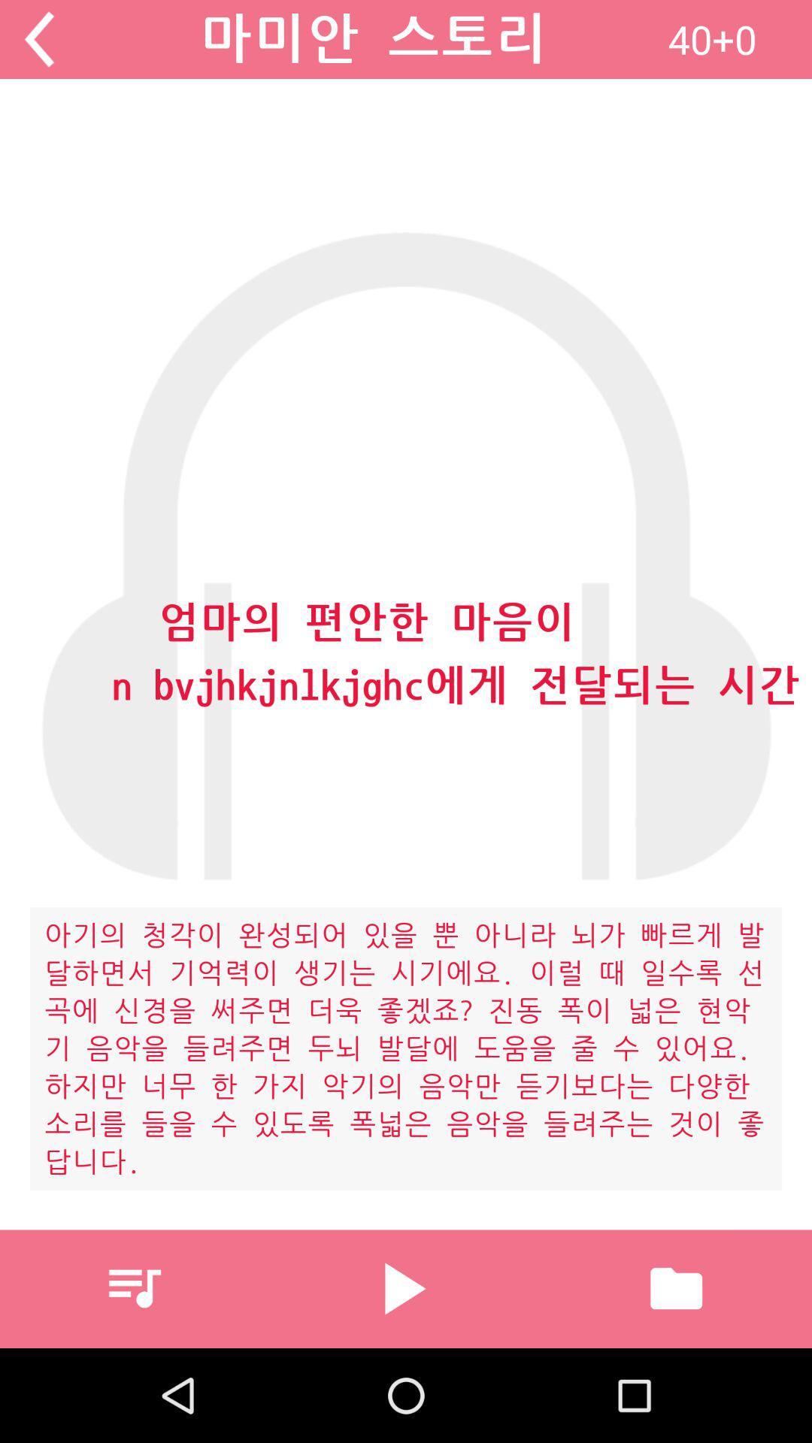  Describe the element at coordinates (675, 1379) in the screenshot. I see `the folder icon` at that location.